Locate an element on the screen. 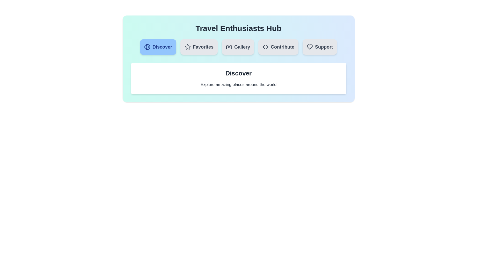 The height and width of the screenshot is (279, 497). the stylized camera icon button, which is the third option in the row of buttons labeled 'Discover', 'Favorites', 'Gallery', 'Contribute', and 'Support' is located at coordinates (229, 47).